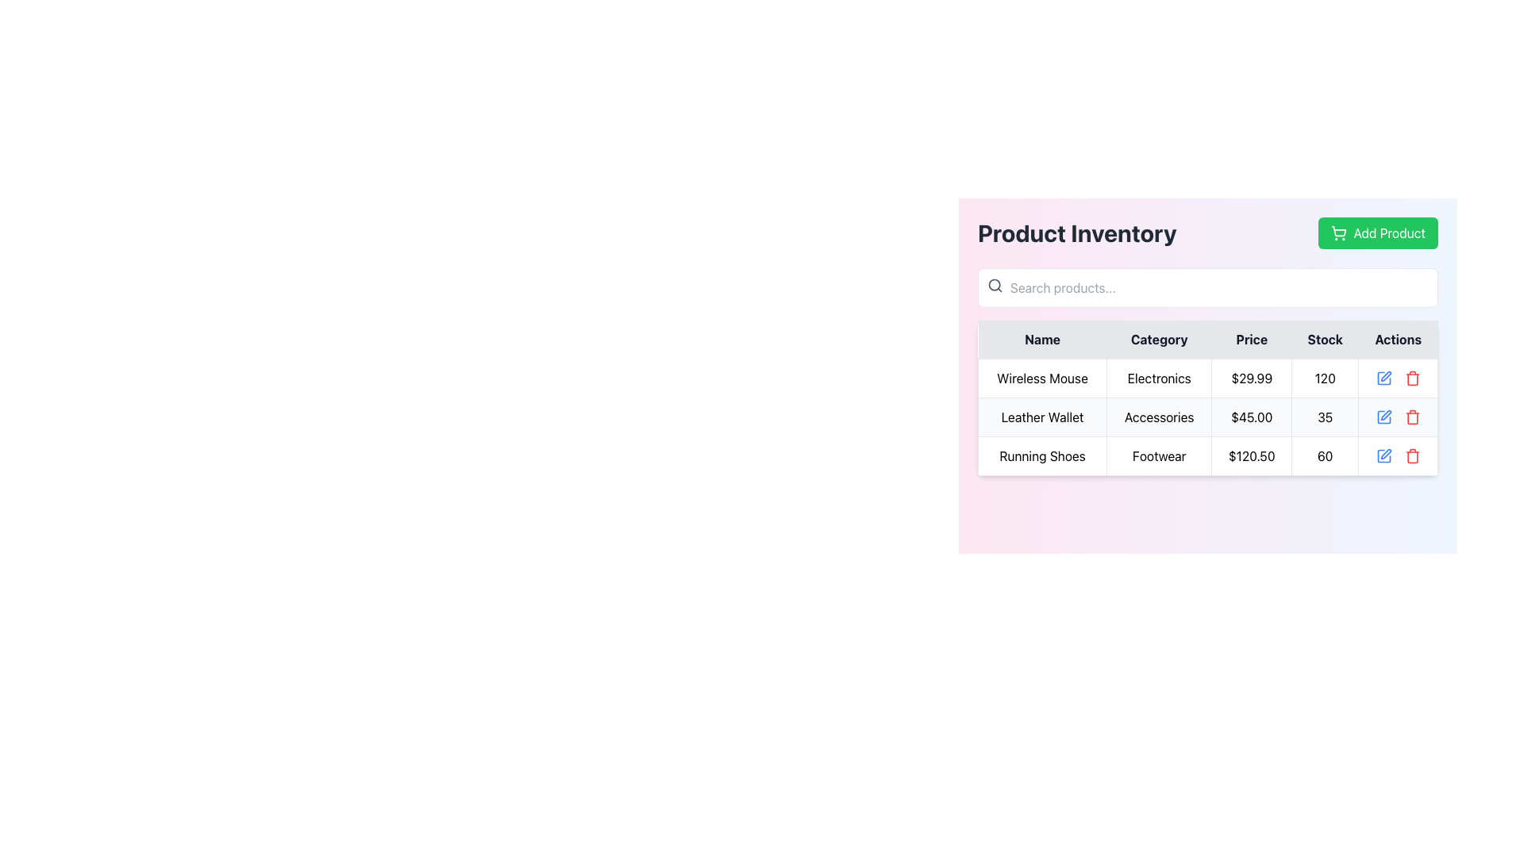  I want to click on the search icon located at the far-left end of the search box in the product inventory interface, so click(994, 284).